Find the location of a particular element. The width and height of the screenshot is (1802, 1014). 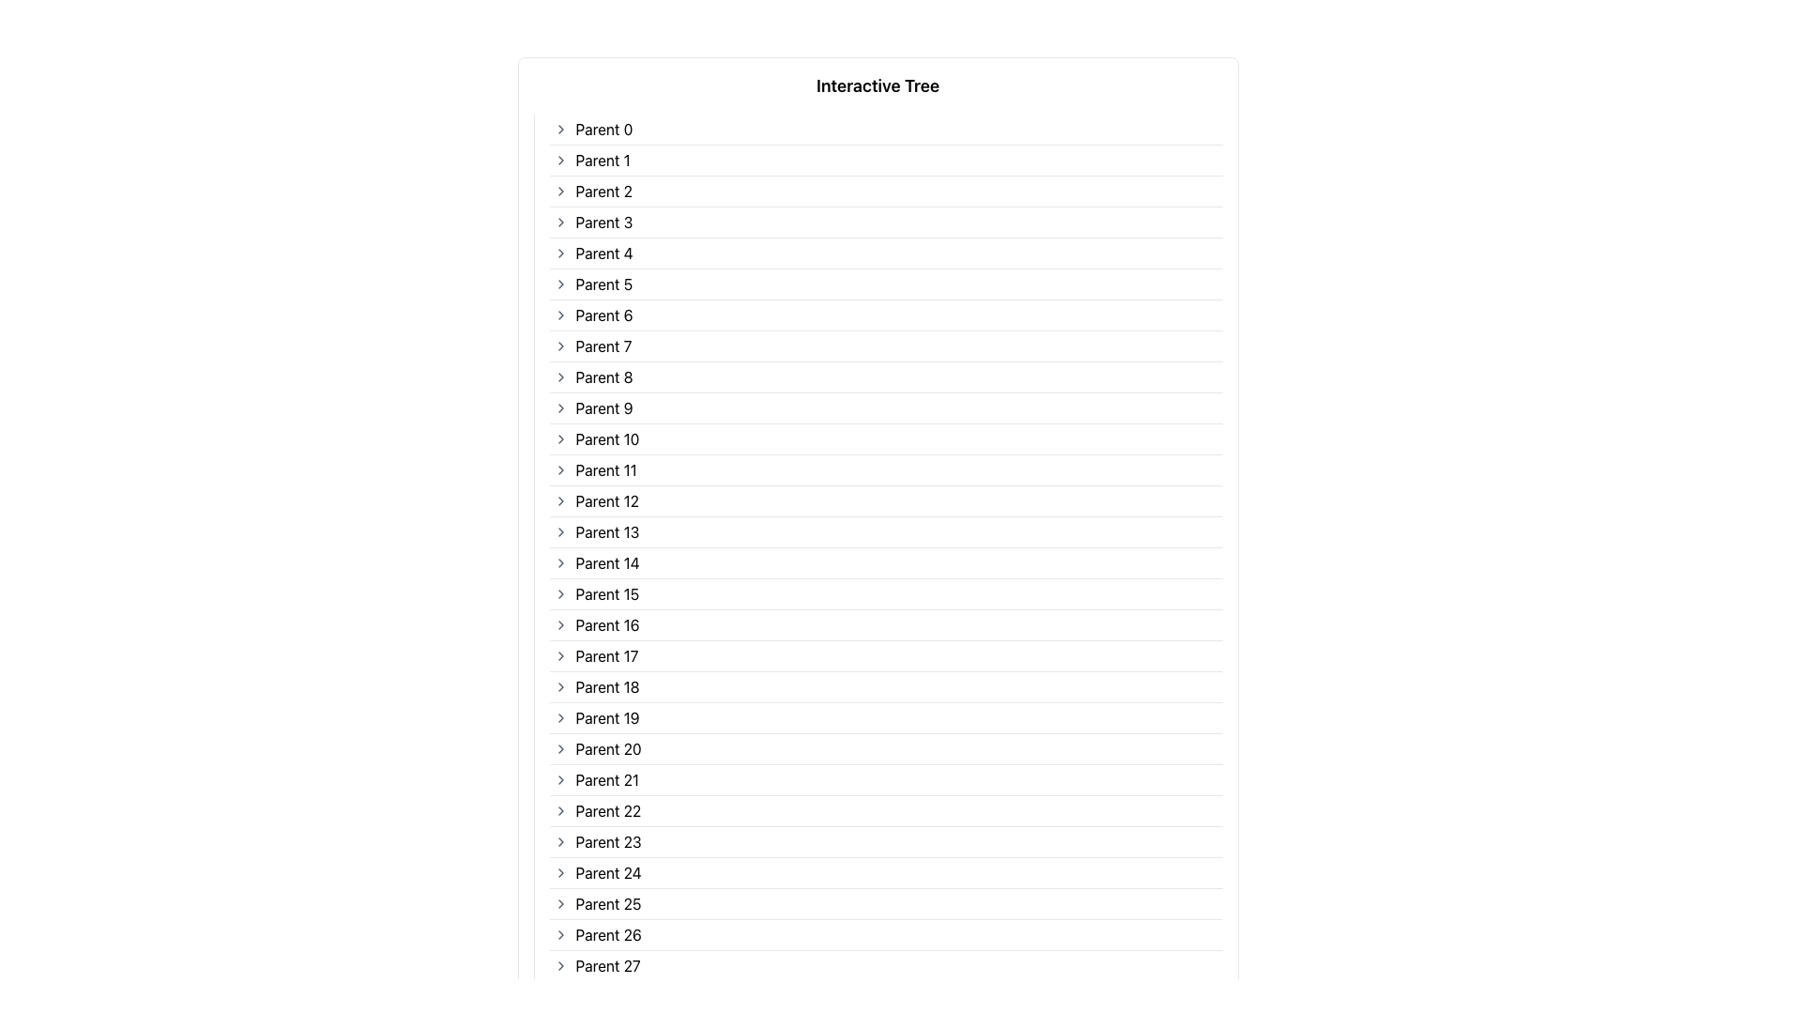

the List item located at the 21st position in the vertical interactive tree layout is located at coordinates (885, 748).